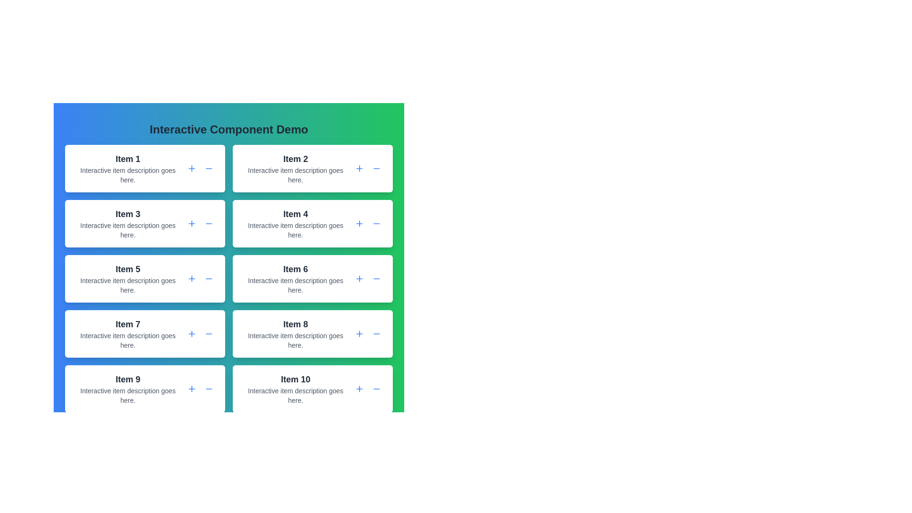  What do you see at coordinates (359, 278) in the screenshot?
I see `the 'add' icon located beside the '-' icon in the 'Item 6' section to trigger tooltip or visual feedback` at bounding box center [359, 278].